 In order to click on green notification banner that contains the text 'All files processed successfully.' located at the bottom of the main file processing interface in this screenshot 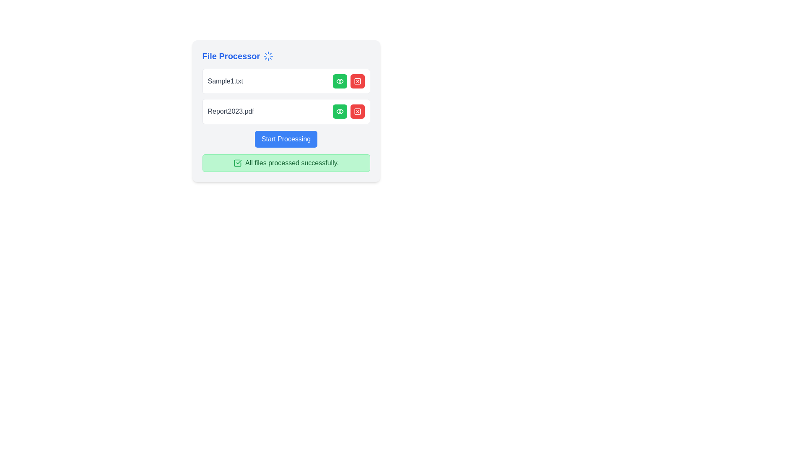, I will do `click(286, 163)`.